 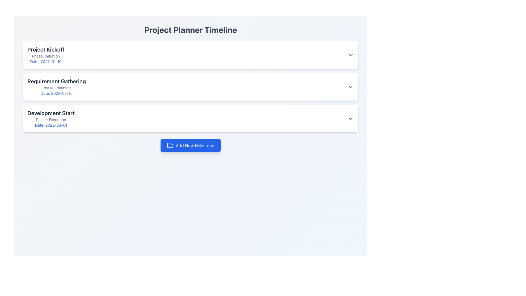 What do you see at coordinates (351, 118) in the screenshot?
I see `the downward-pointing chevron icon located at the right end of the 'Development Start' milestone section in the chronological list` at bounding box center [351, 118].